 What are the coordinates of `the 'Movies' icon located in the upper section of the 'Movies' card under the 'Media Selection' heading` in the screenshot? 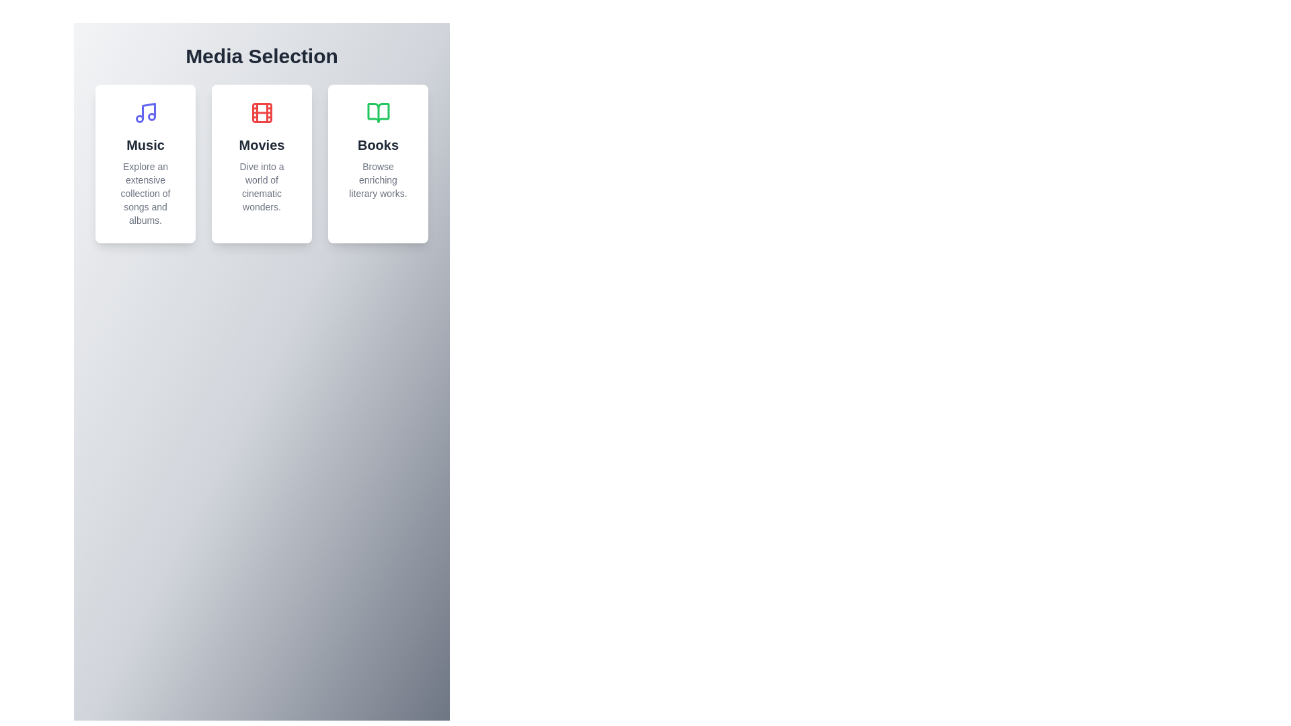 It's located at (262, 112).